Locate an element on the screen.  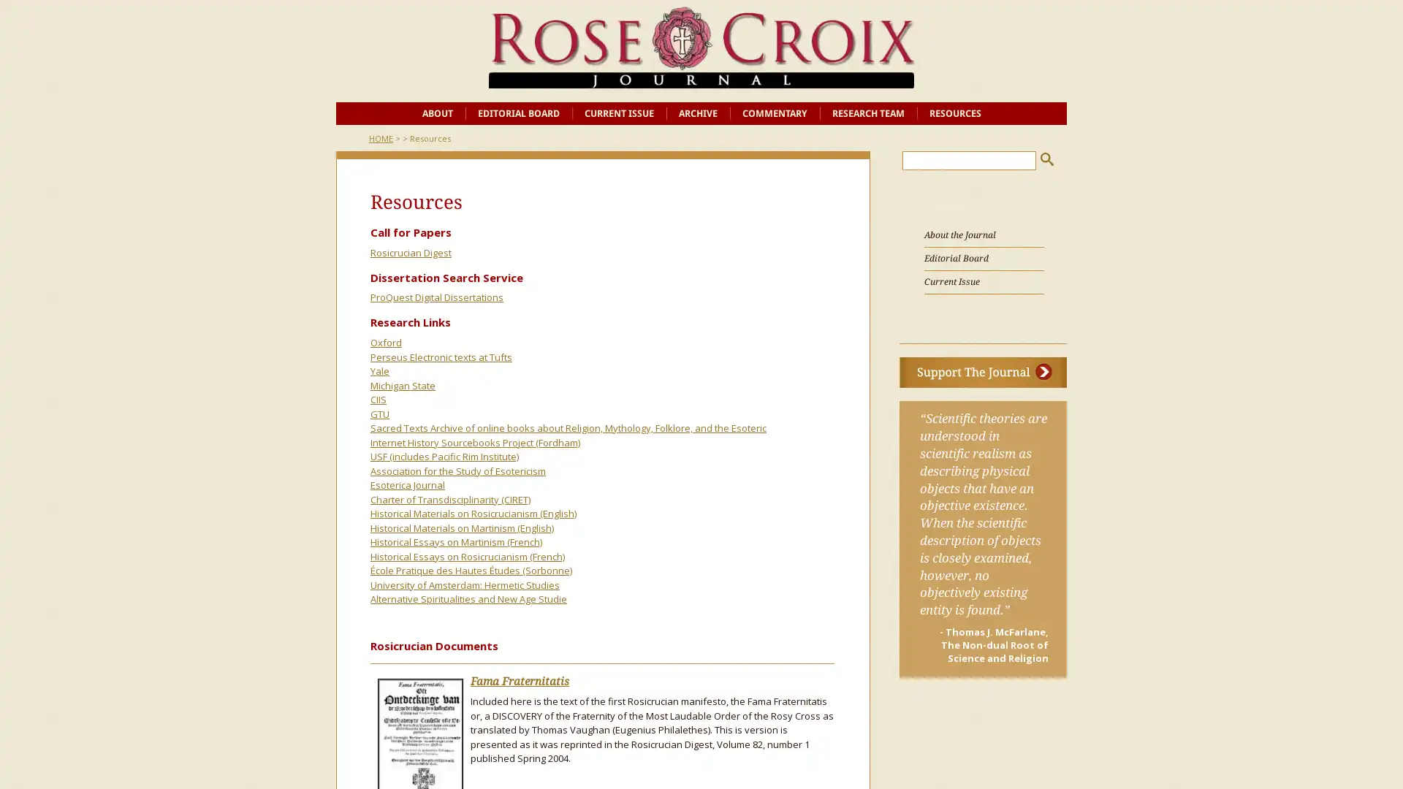
search is located at coordinates (1046, 159).